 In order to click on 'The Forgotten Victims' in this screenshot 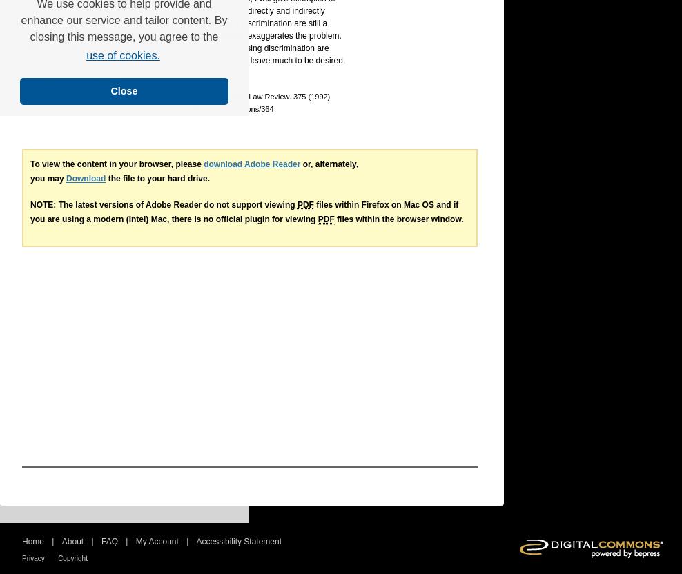, I will do `click(83, 96)`.